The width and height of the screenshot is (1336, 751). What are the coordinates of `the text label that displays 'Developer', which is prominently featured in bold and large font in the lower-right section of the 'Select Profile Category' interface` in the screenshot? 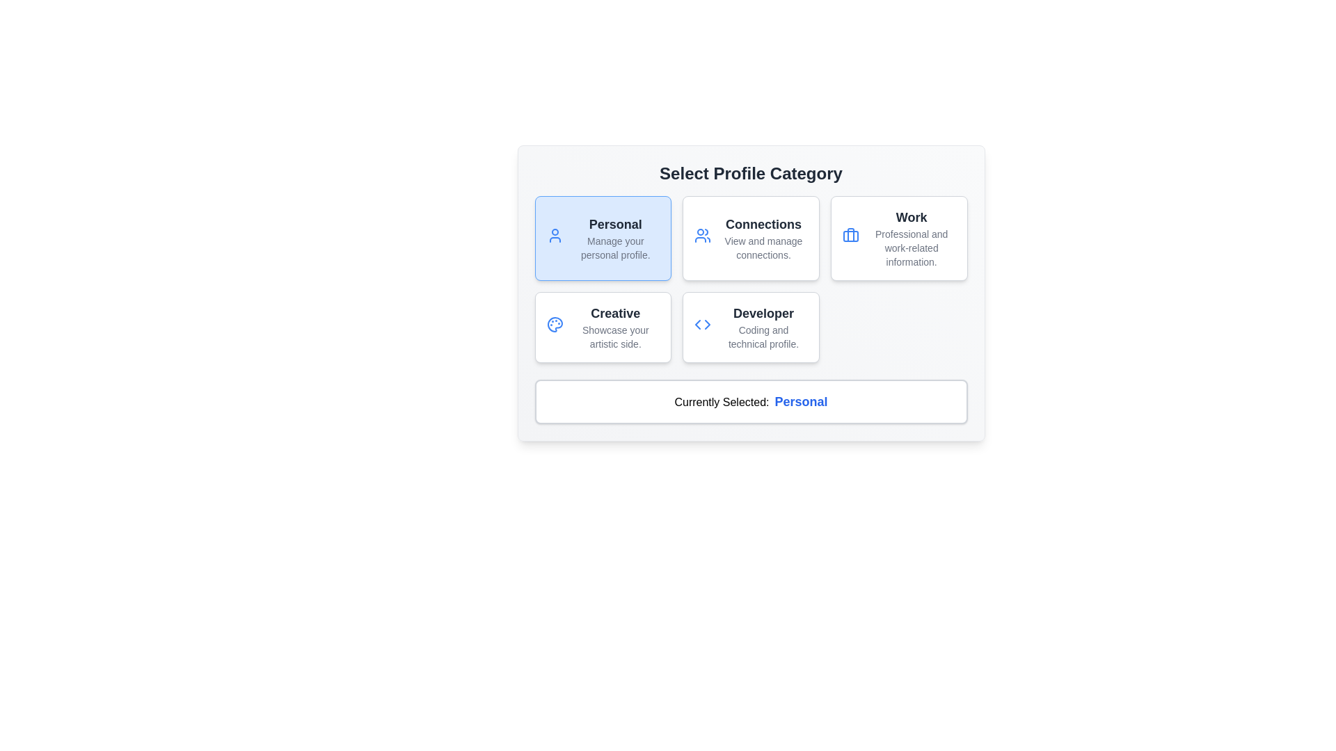 It's located at (763, 314).